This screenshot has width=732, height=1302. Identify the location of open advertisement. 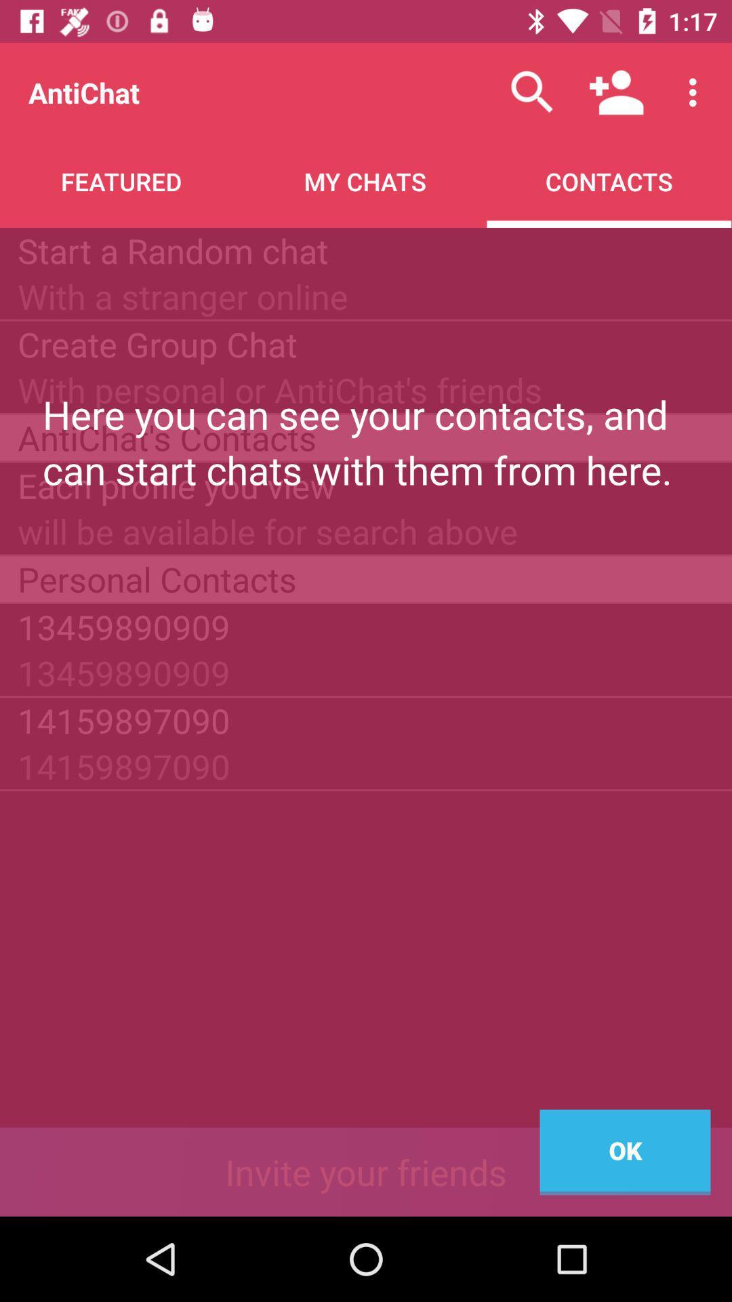
(366, 1171).